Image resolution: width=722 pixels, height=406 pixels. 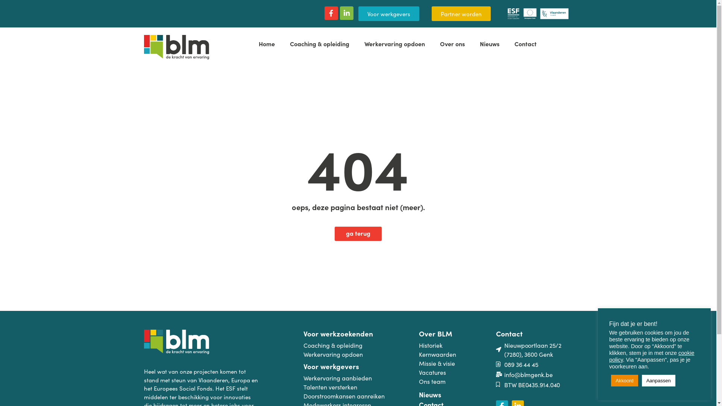 I want to click on 'Aanpassen', so click(x=658, y=380).